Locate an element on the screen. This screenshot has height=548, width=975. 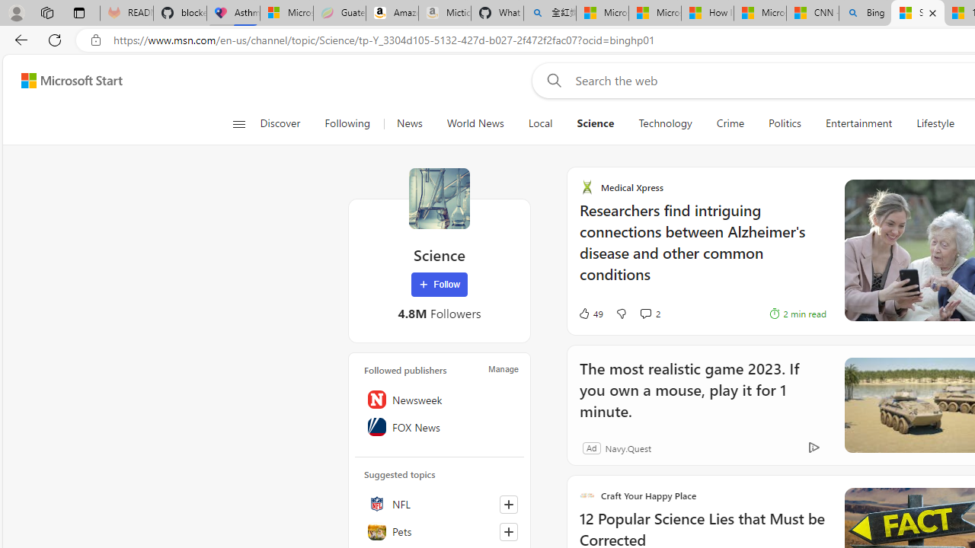
'Manage' is located at coordinates (503, 368).